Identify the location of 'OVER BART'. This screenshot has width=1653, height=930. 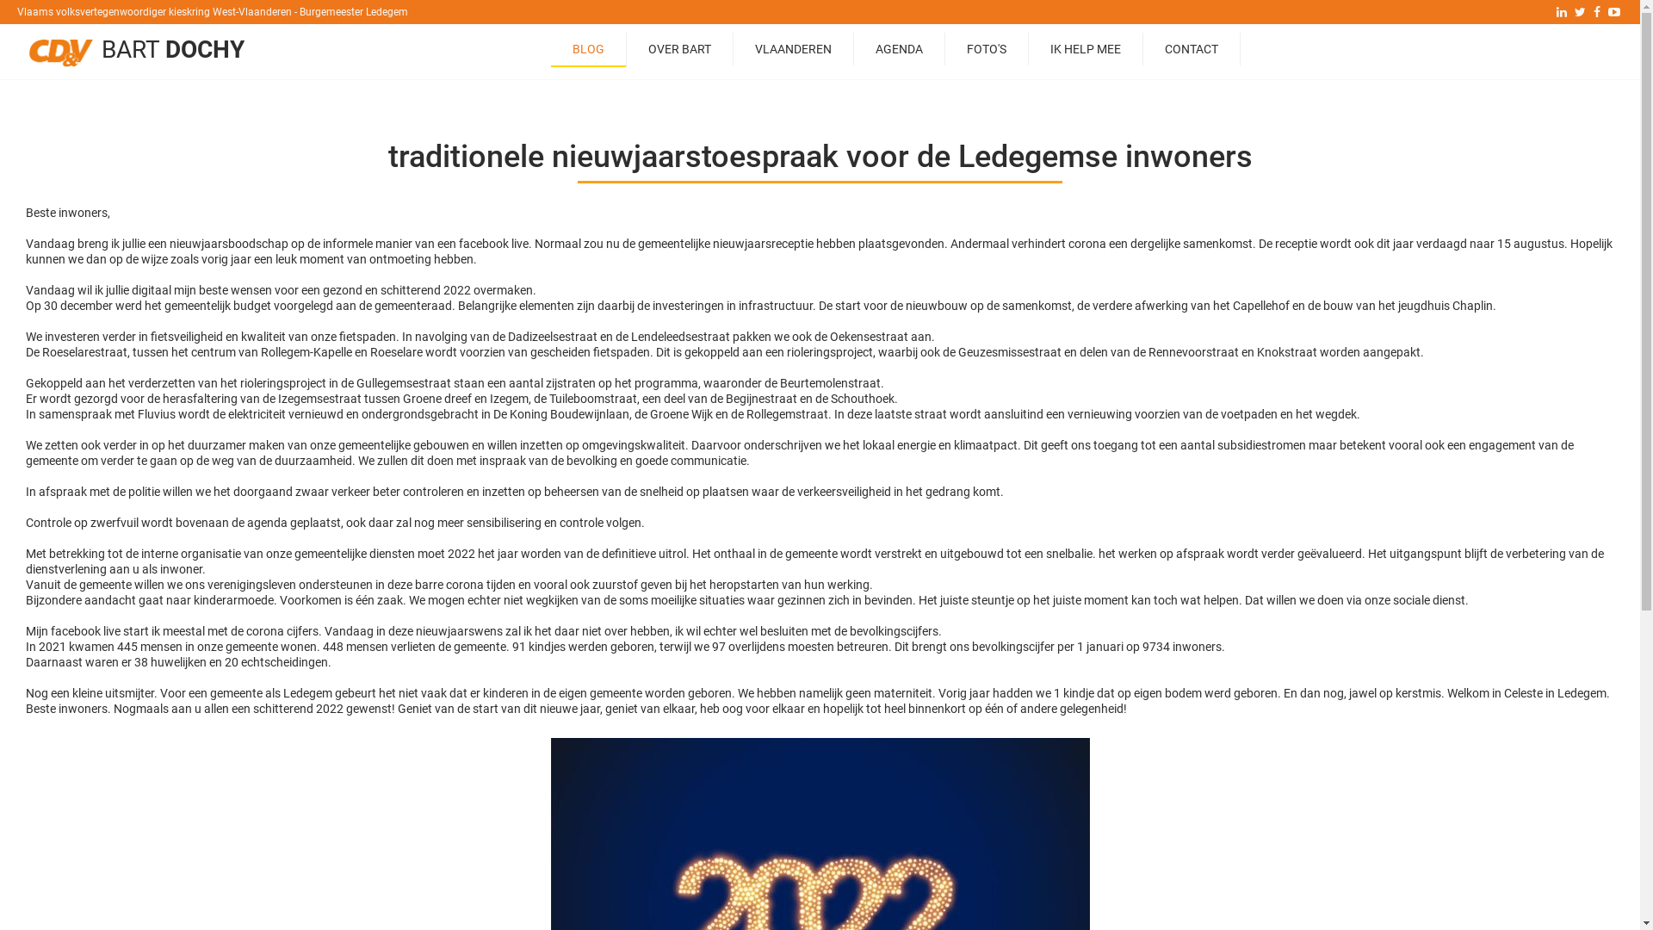
(626, 48).